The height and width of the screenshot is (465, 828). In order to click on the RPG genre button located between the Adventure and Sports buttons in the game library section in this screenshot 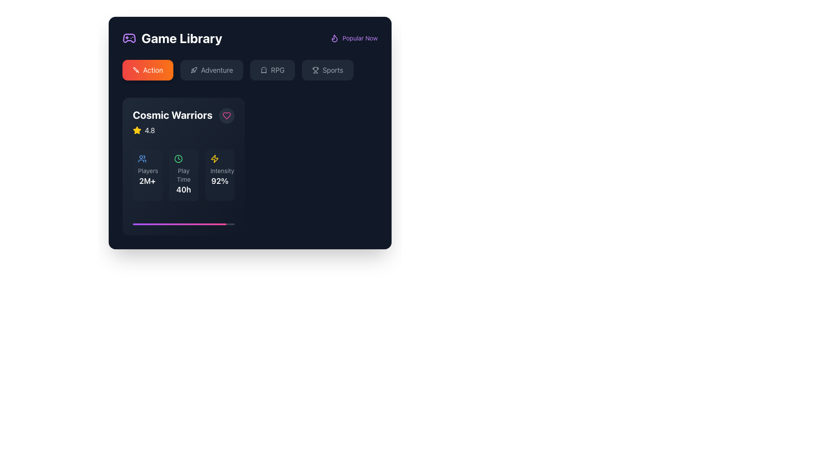, I will do `click(272, 69)`.